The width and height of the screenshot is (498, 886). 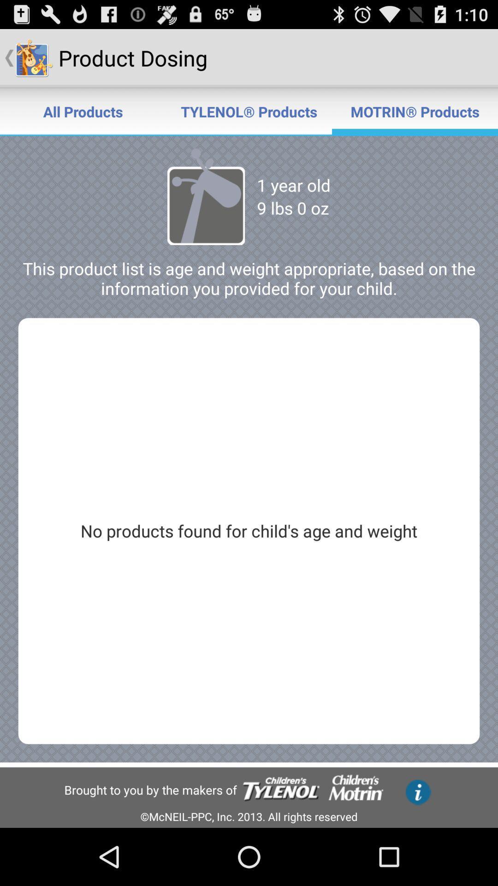 What do you see at coordinates (249, 111) in the screenshot?
I see `the item below product dosing app` at bounding box center [249, 111].